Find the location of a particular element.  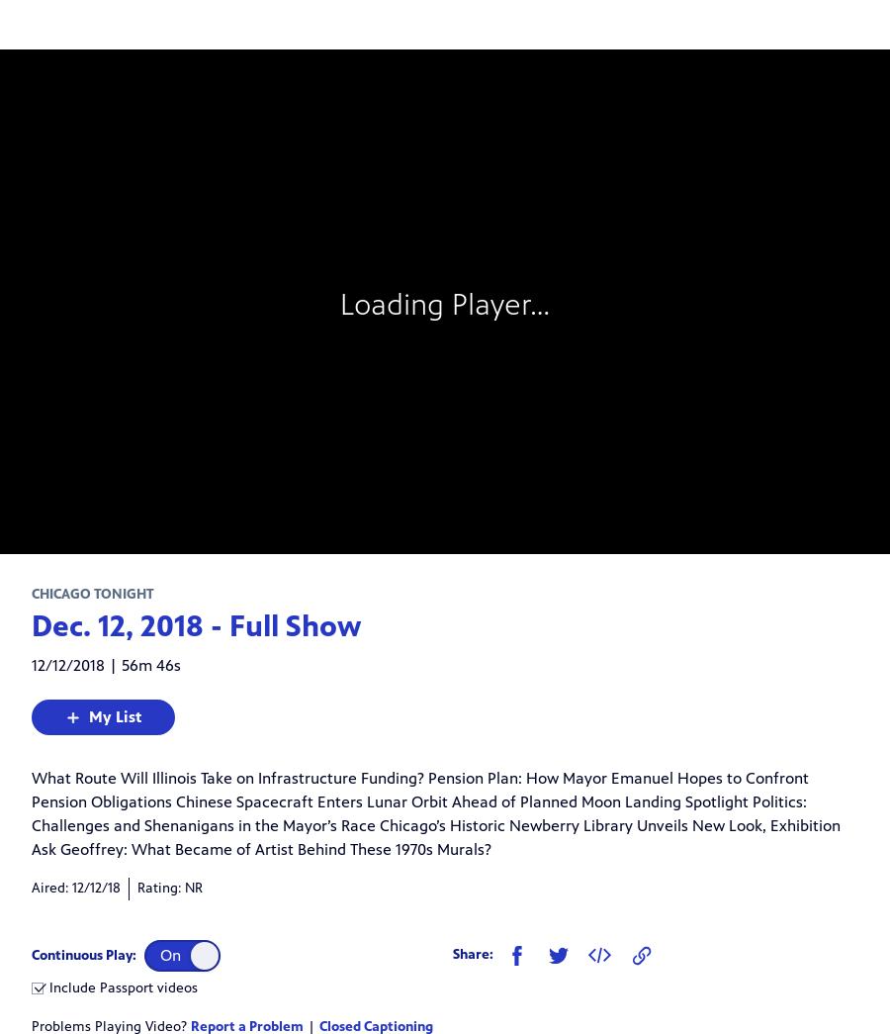

'Shows' is located at coordinates (59, 206).